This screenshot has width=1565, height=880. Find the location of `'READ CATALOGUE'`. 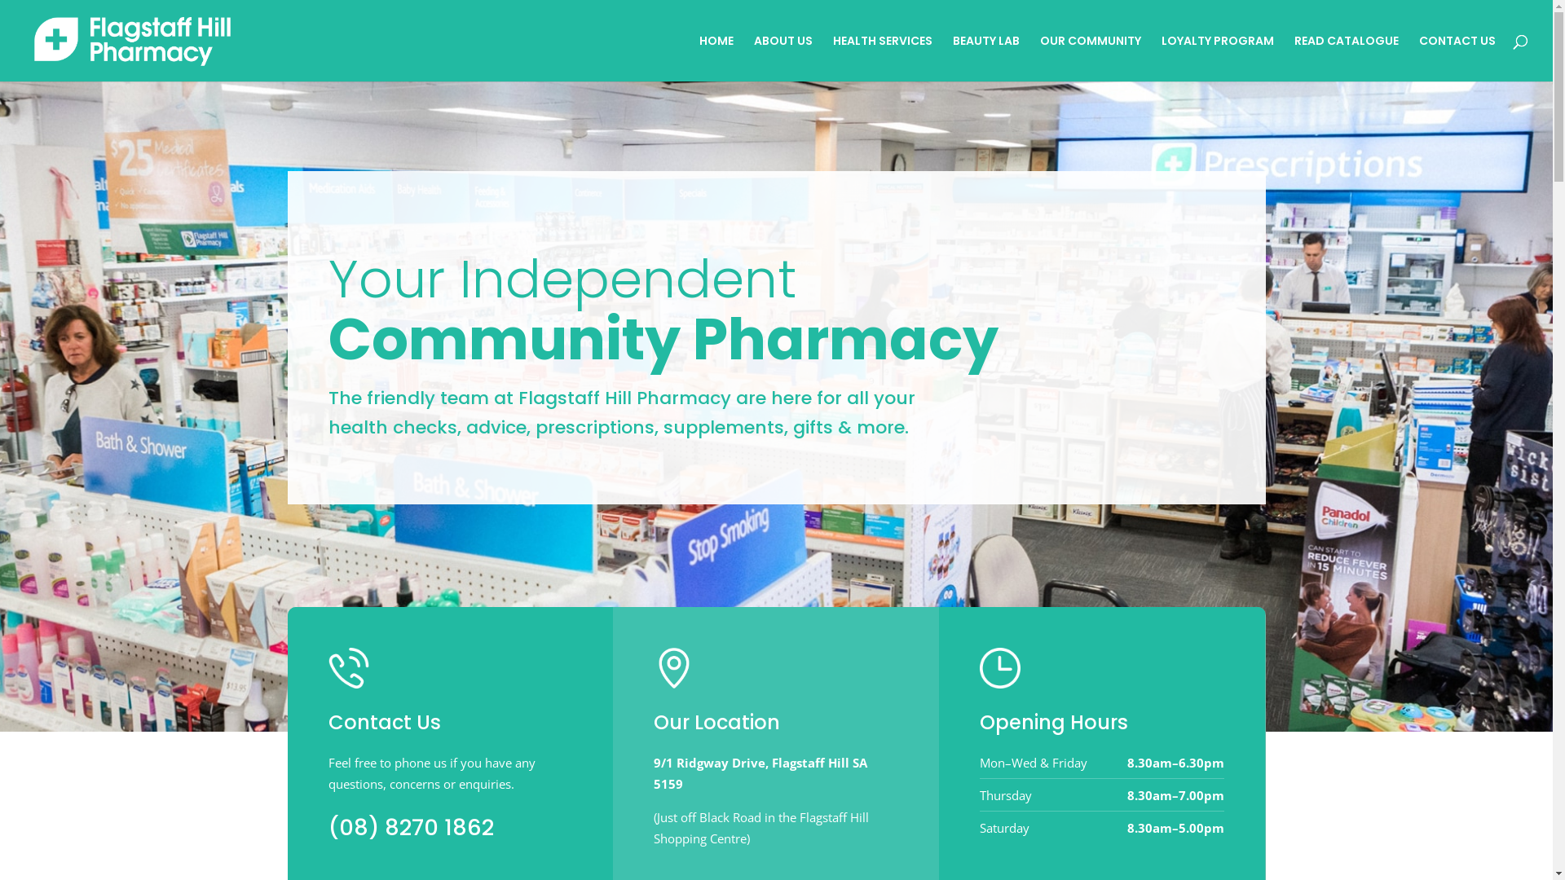

'READ CATALOGUE' is located at coordinates (1346, 57).